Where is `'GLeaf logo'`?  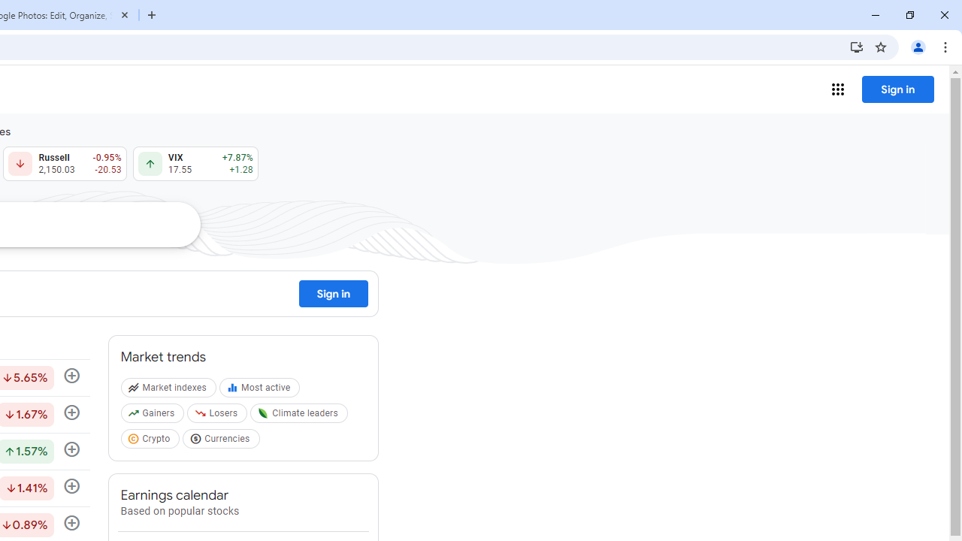
'GLeaf logo' is located at coordinates (263, 413).